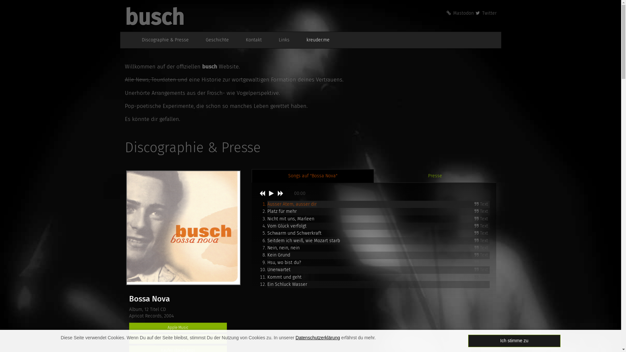 Image resolution: width=626 pixels, height=352 pixels. Describe the element at coordinates (284, 277) in the screenshot. I see `'Kommt und geht'` at that location.